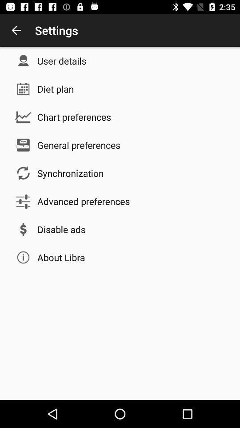 Image resolution: width=240 pixels, height=428 pixels. What do you see at coordinates (79, 145) in the screenshot?
I see `app below the chart preferences icon` at bounding box center [79, 145].